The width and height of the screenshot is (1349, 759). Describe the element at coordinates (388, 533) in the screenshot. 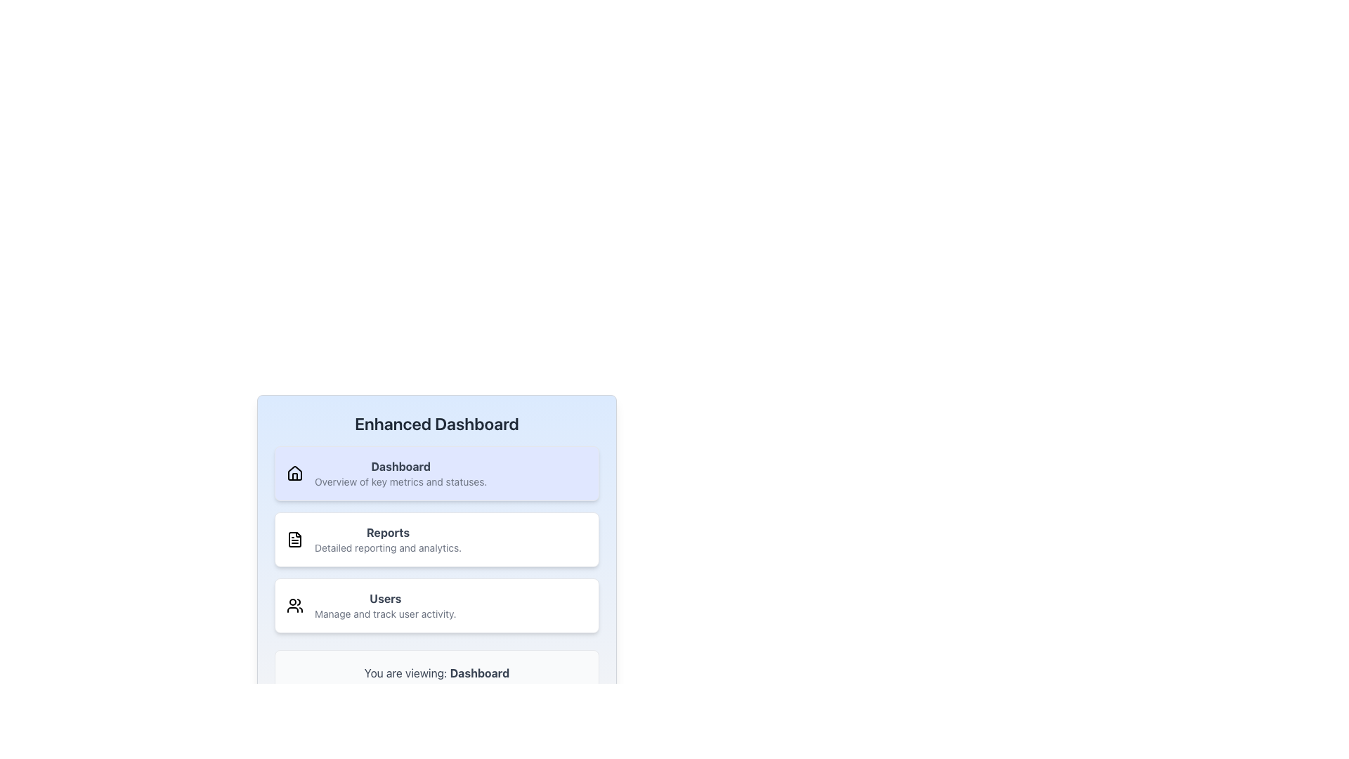

I see `the 'Reports' section title text label, which is centrally positioned in the dashboard card above the descriptive text 'Detailed reporting and analytics'` at that location.